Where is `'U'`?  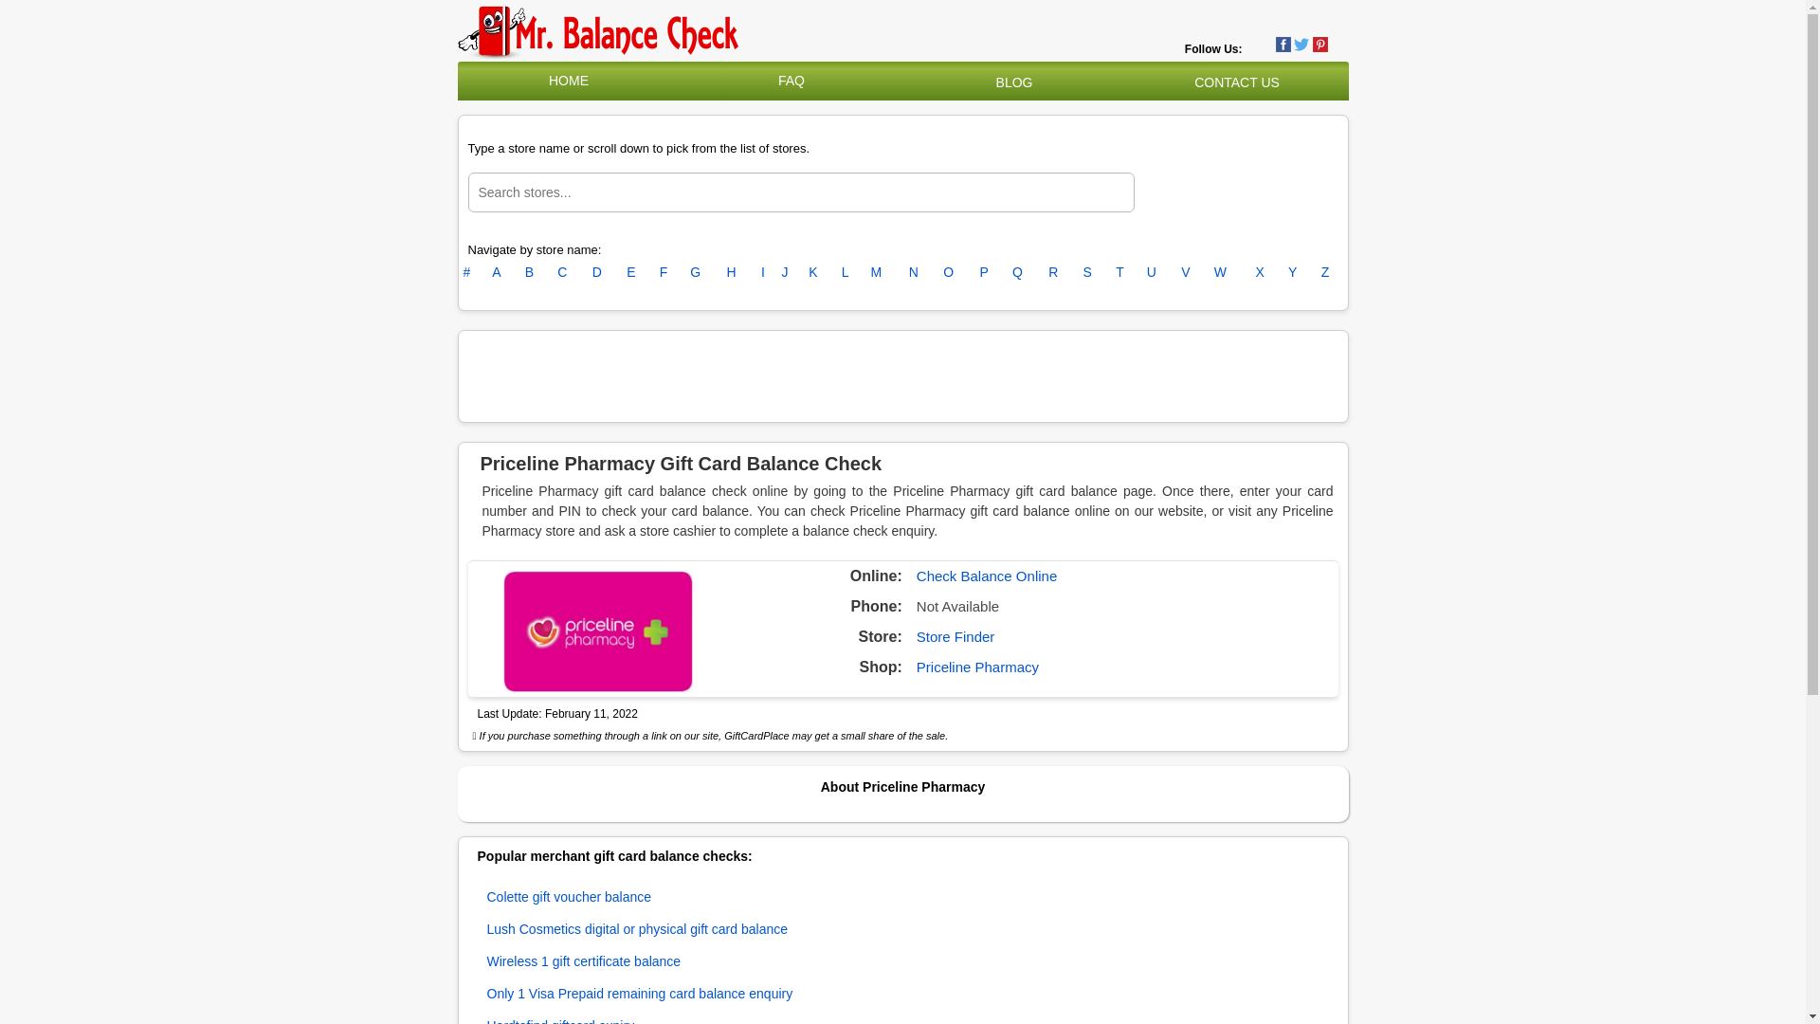 'U' is located at coordinates (1150, 271).